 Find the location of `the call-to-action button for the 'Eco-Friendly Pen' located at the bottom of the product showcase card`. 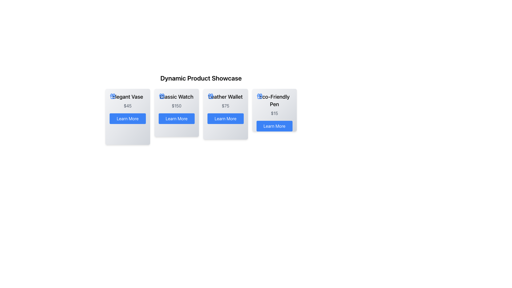

the call-to-action button for the 'Eco-Friendly Pen' located at the bottom of the product showcase card is located at coordinates (274, 126).